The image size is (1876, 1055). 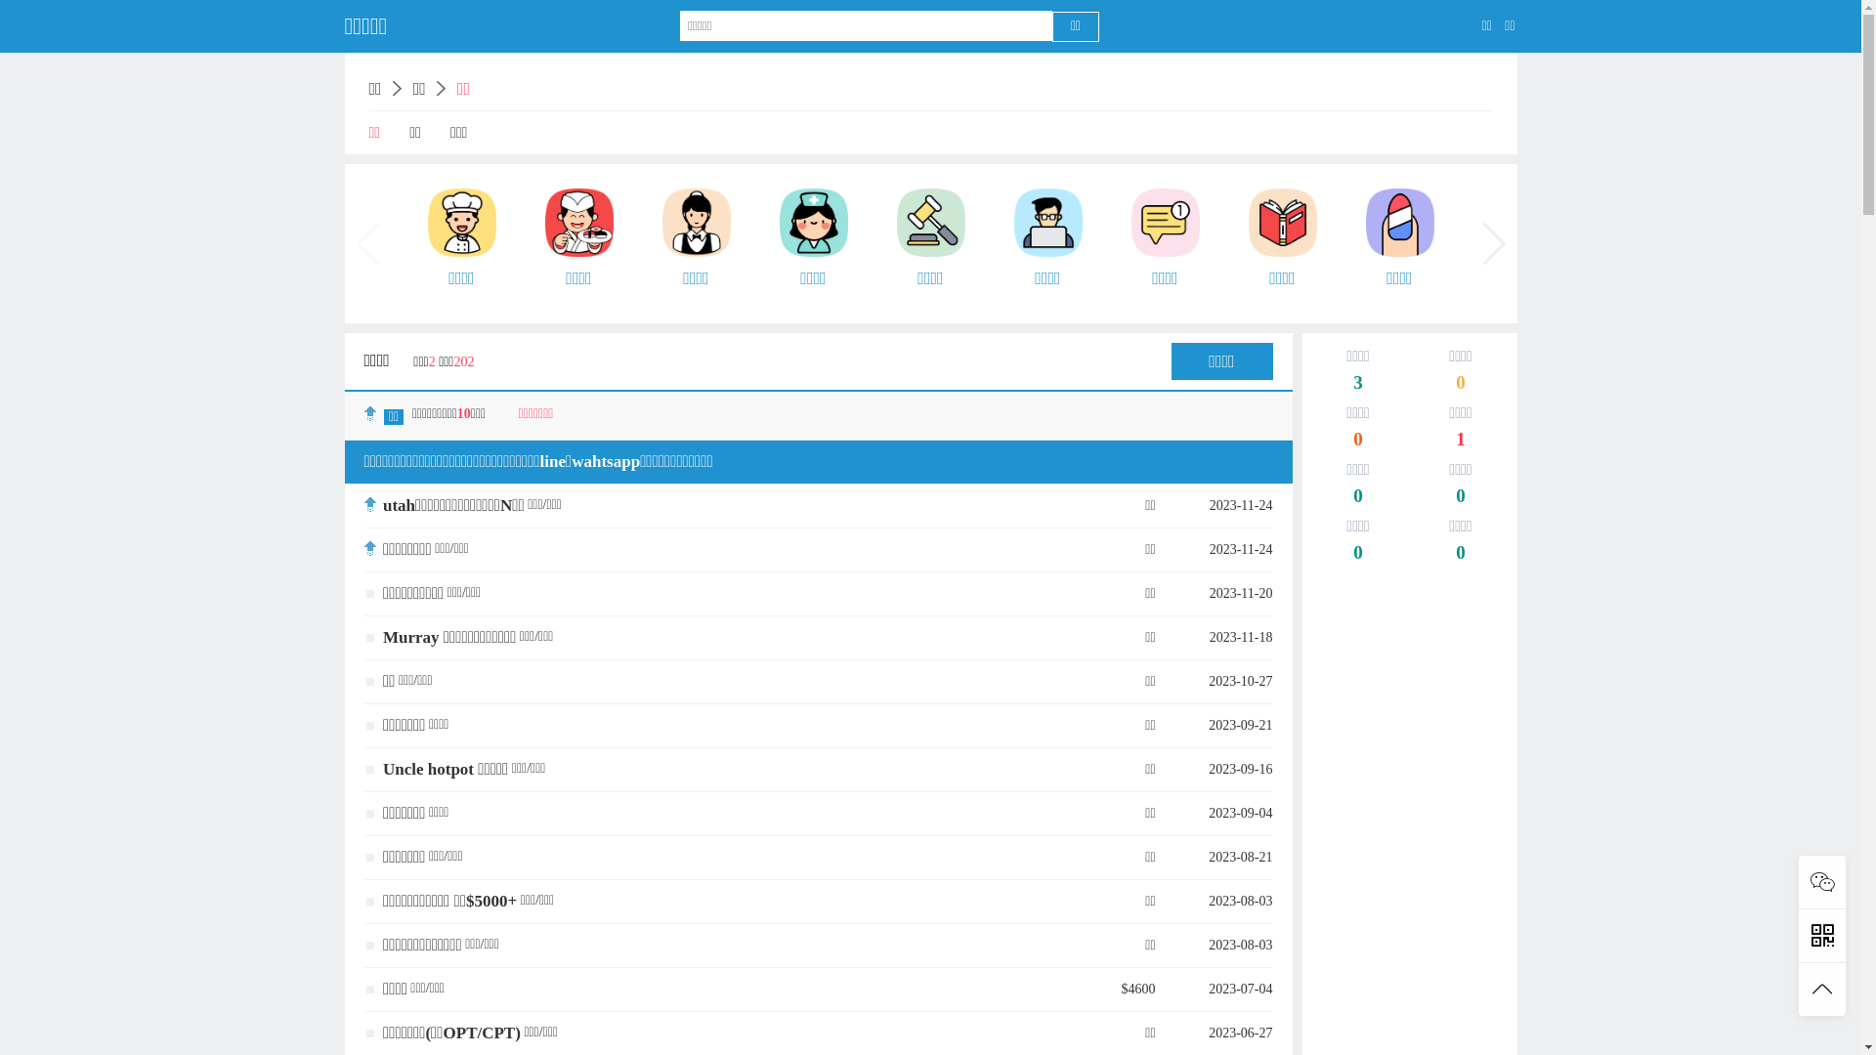 I want to click on 'Advertisement', so click(x=1408, y=886).